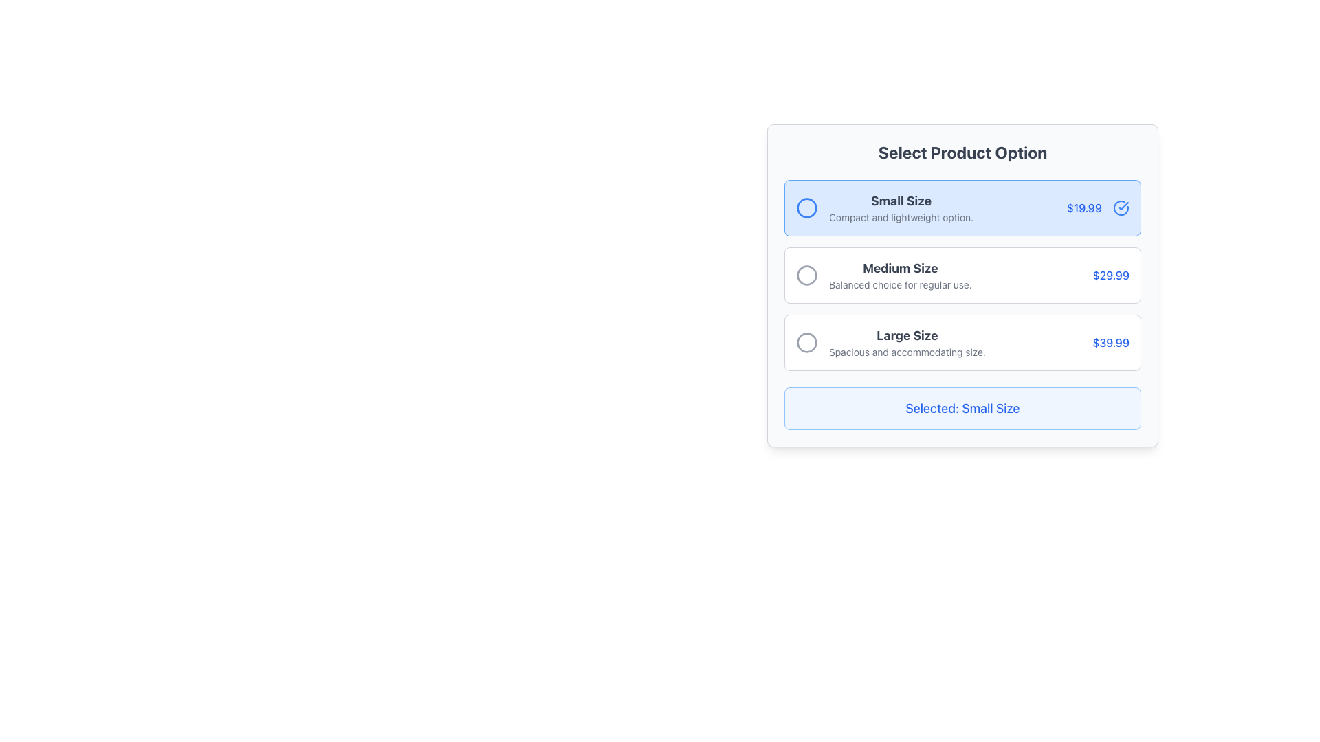 The width and height of the screenshot is (1320, 742). Describe the element at coordinates (900, 276) in the screenshot. I see `text label that describes the second selectable product option, which is positioned between 'Small Size' and 'Large Size'` at that location.